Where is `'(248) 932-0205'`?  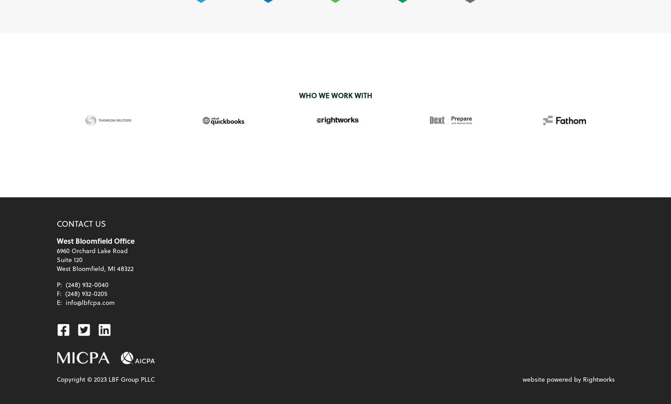 '(248) 932-0205' is located at coordinates (85, 293).